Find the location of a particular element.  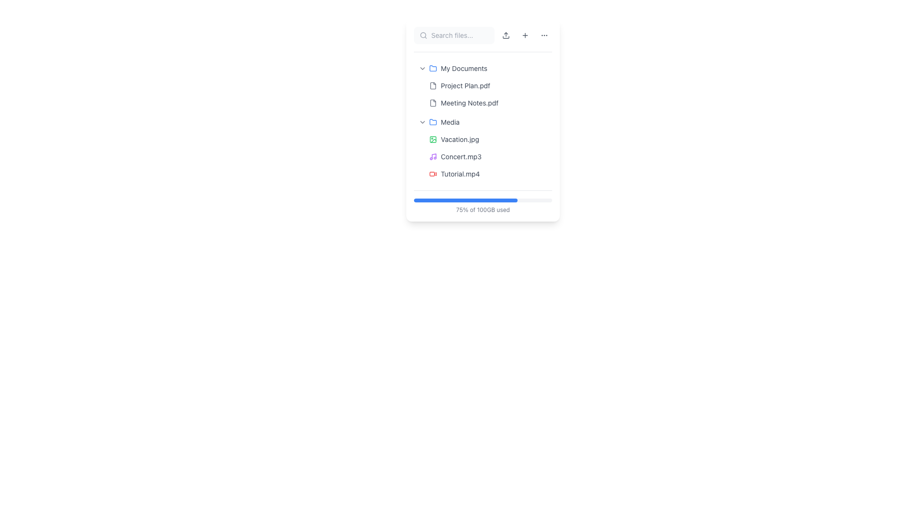

the button that initiates the file upload operation, located on the right side of the search bar, to trigger a visual effect is located at coordinates (506, 35).